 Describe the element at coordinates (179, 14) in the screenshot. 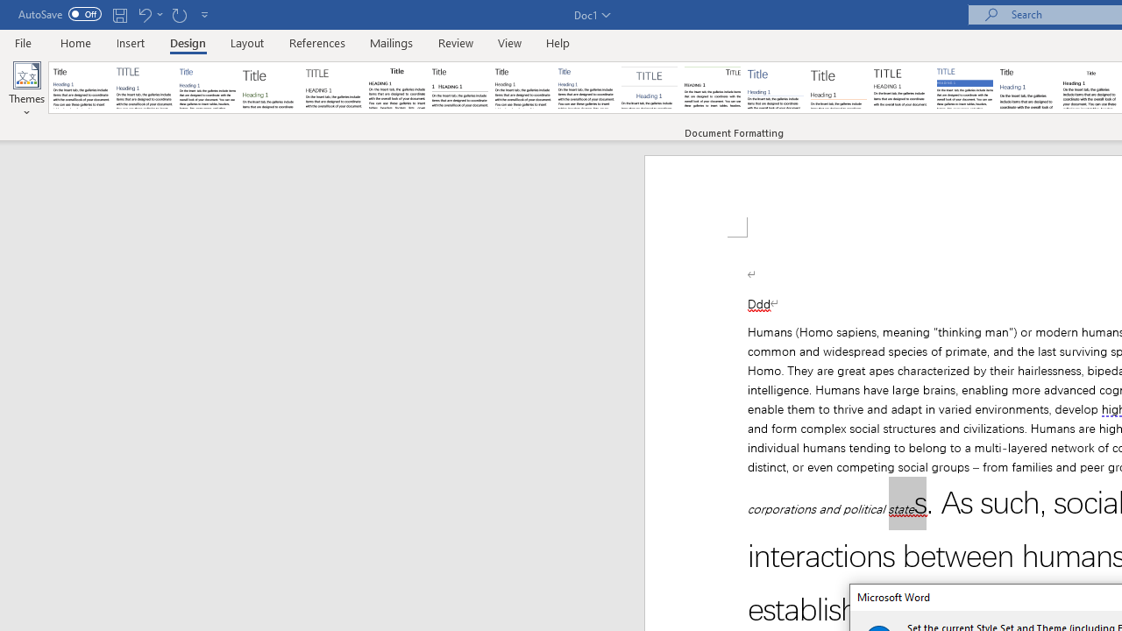

I see `'Repeat Accessibility Checker'` at that location.